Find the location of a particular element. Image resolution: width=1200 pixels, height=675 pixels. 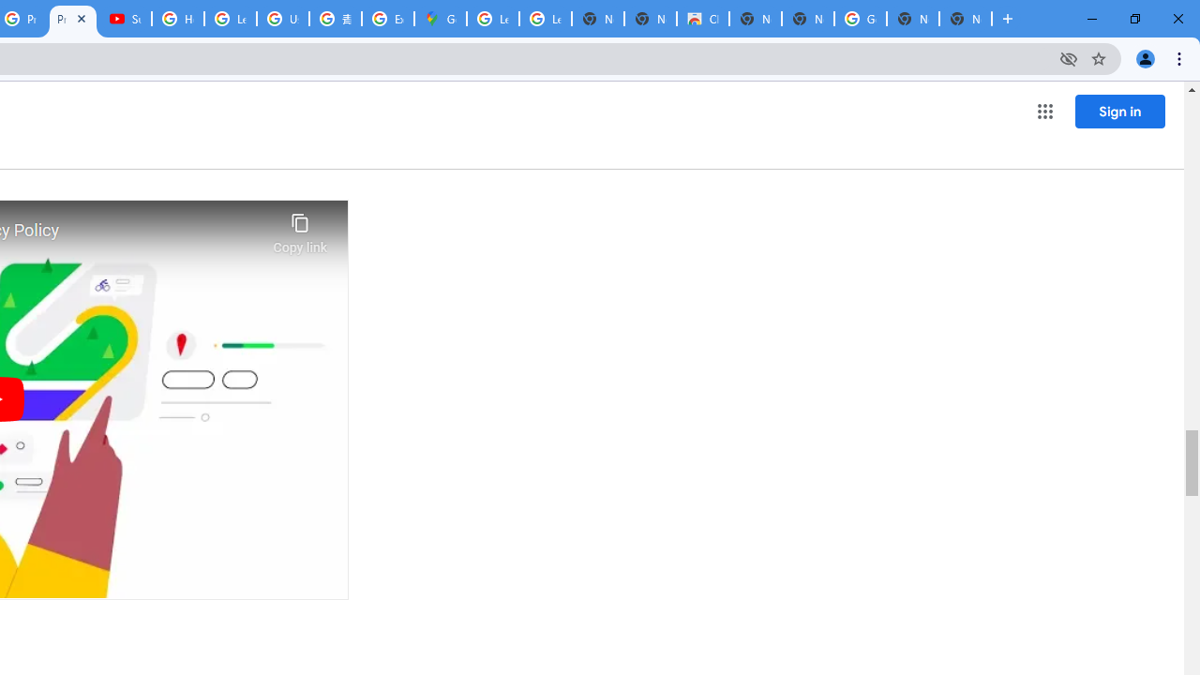

'Google Maps' is located at coordinates (439, 19).